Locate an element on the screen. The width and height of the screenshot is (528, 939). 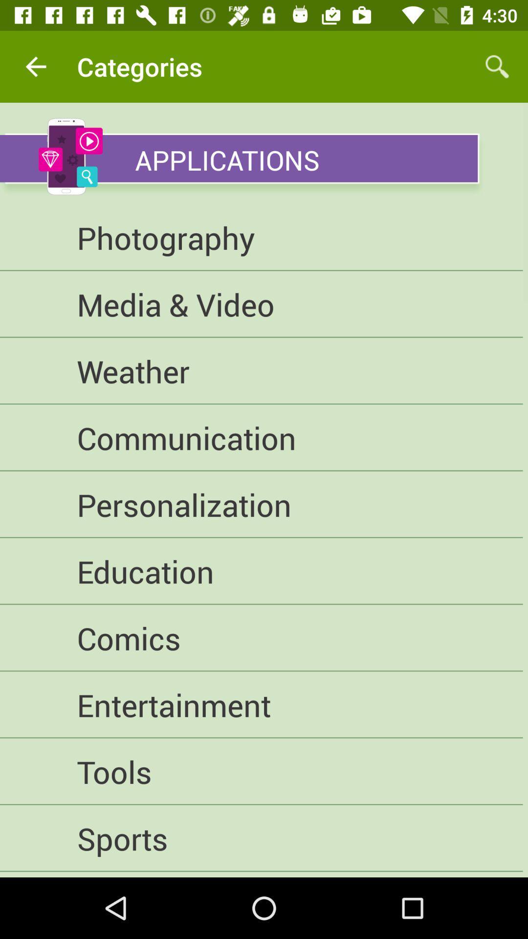
the weather item is located at coordinates (261, 370).